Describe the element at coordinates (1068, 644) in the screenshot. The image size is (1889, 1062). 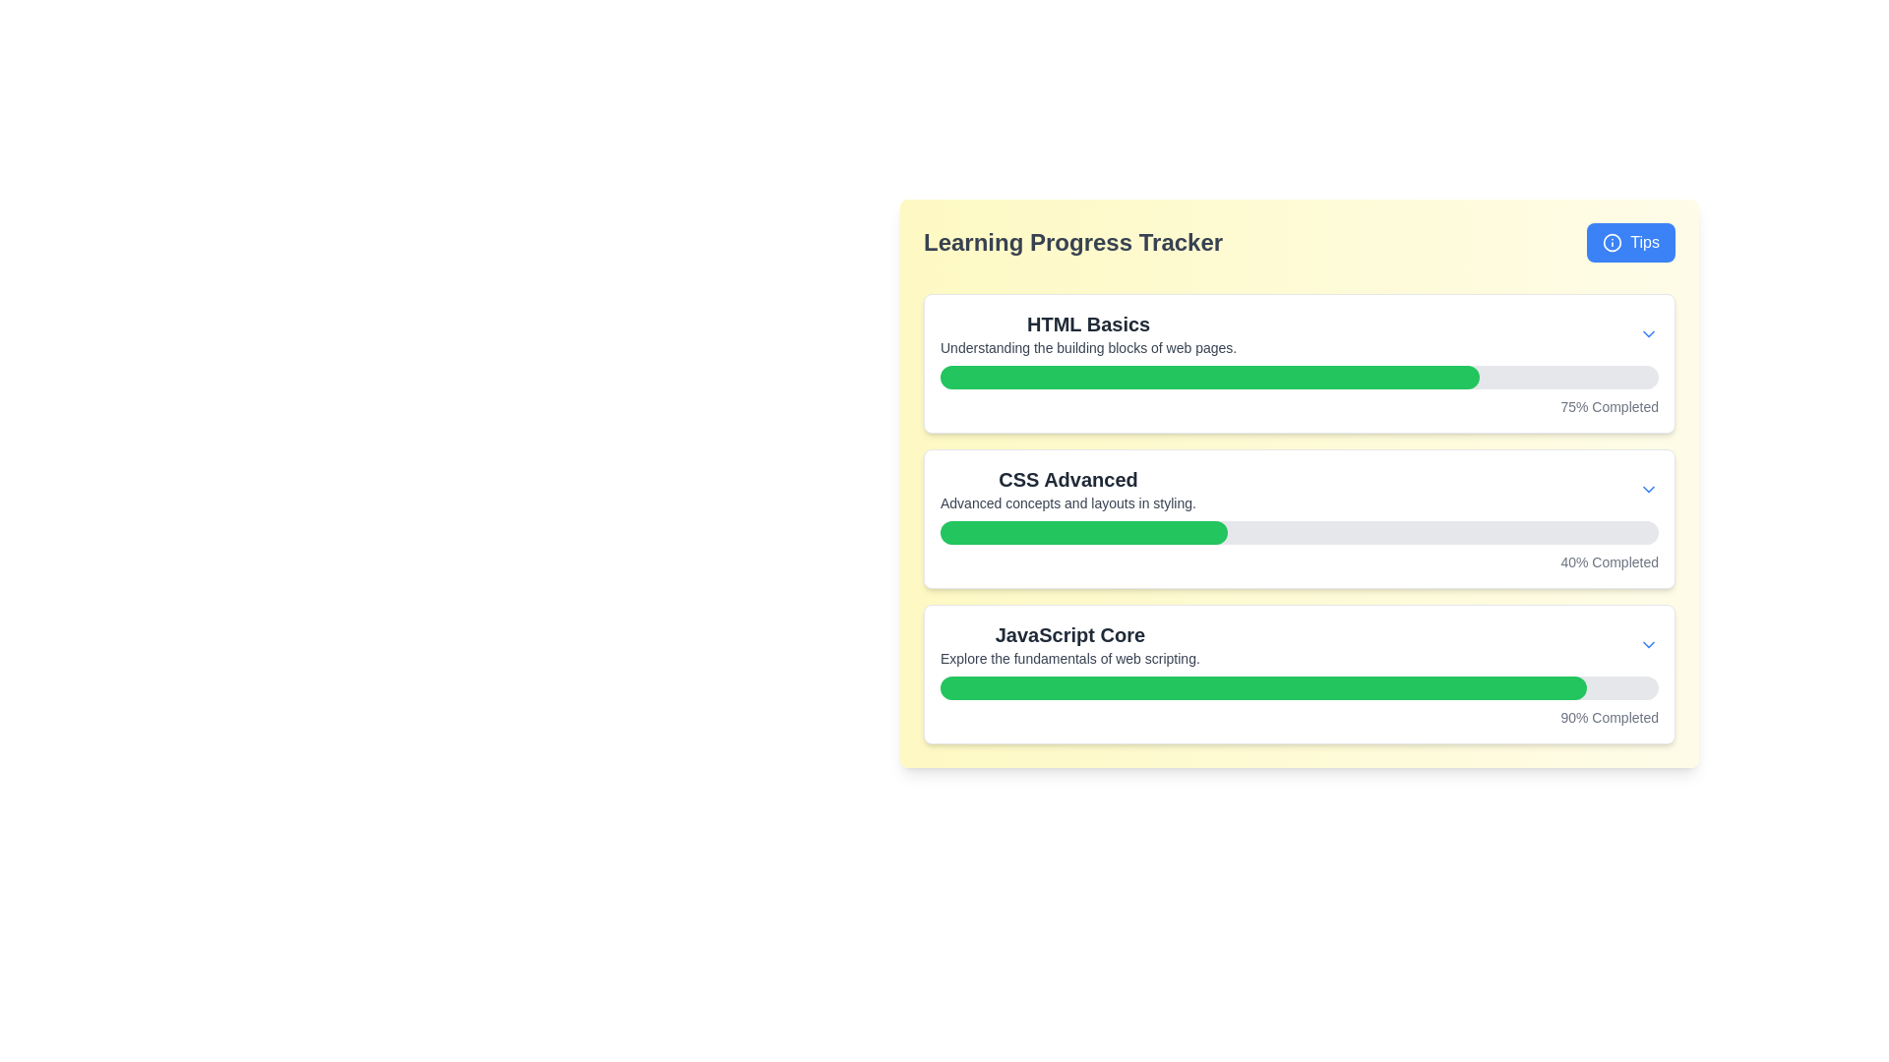
I see `text from the Text block with title and description, which is the third entry in the Learning Progress Tracker section, located below 'HTML Basics' and 'CSS Advanced.'` at that location.